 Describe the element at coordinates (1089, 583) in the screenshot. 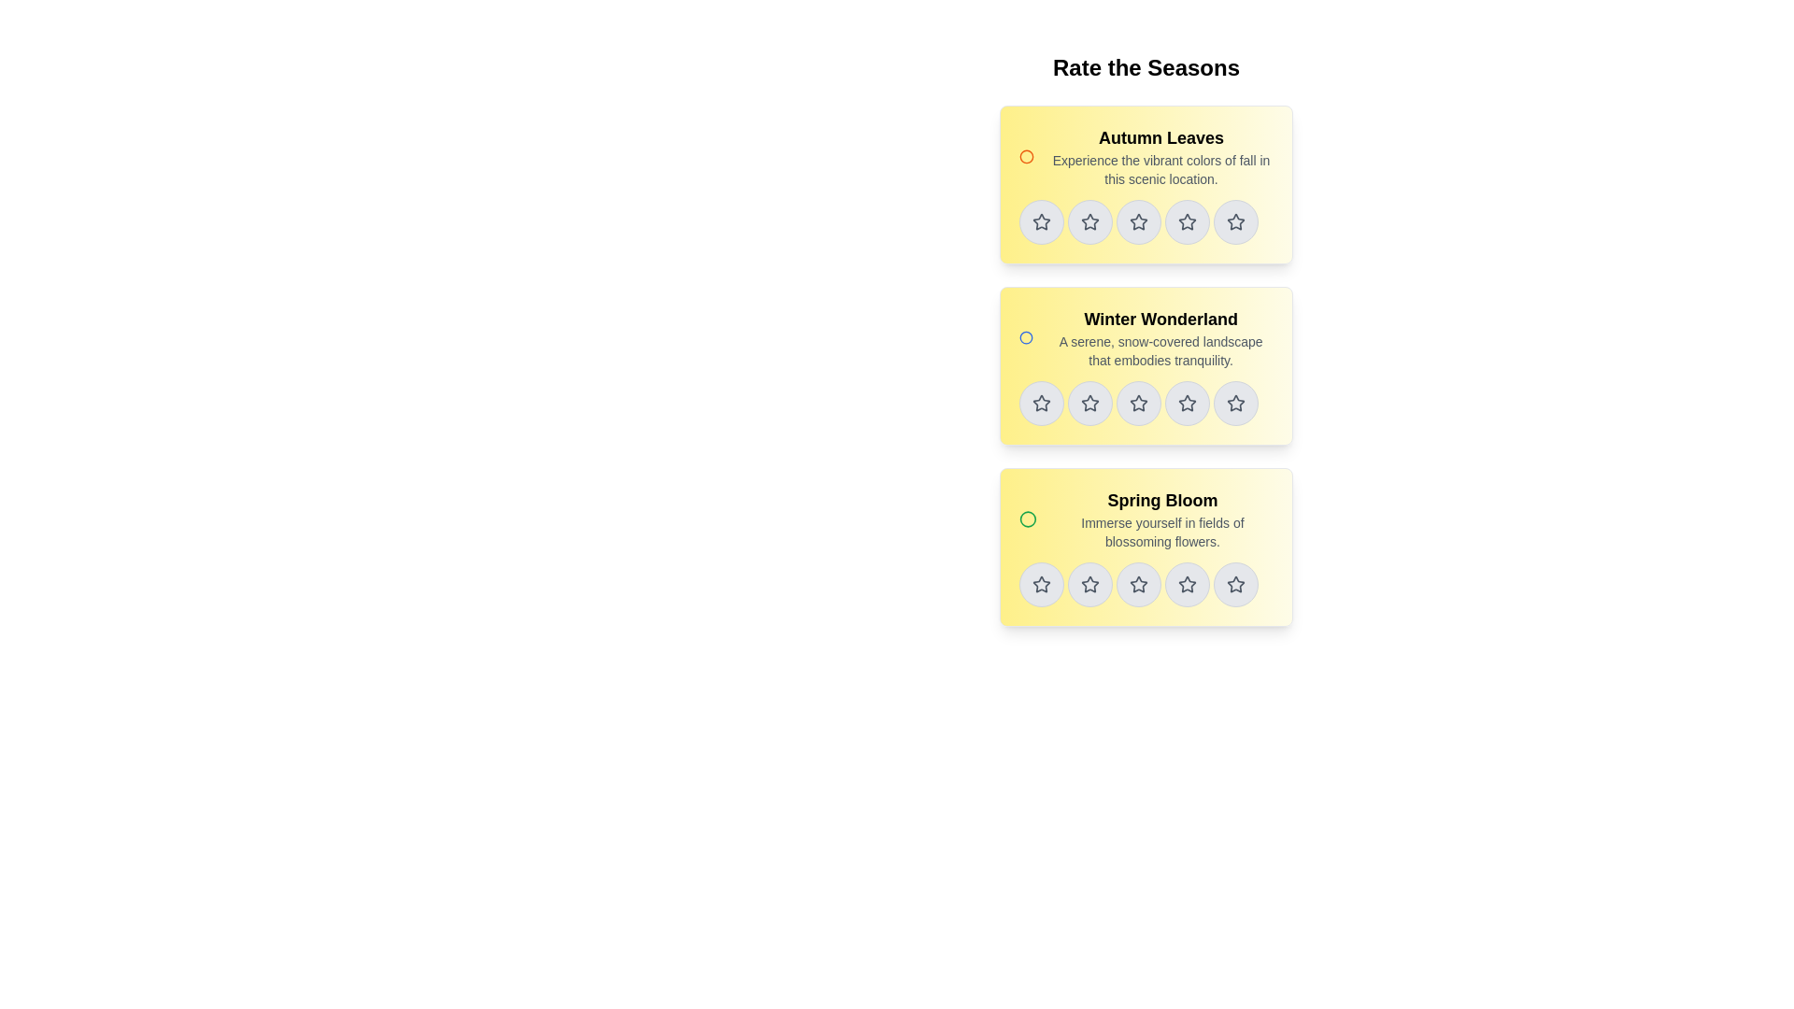

I see `the second circular button with a star icon` at that location.